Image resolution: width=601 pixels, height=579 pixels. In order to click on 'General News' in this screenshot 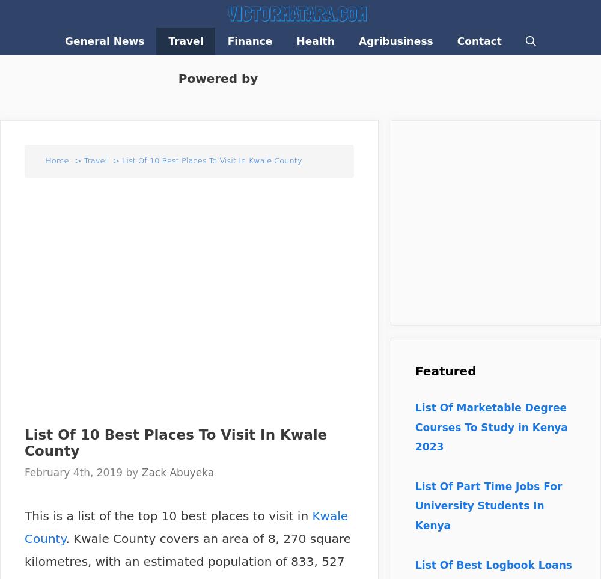, I will do `click(104, 41)`.